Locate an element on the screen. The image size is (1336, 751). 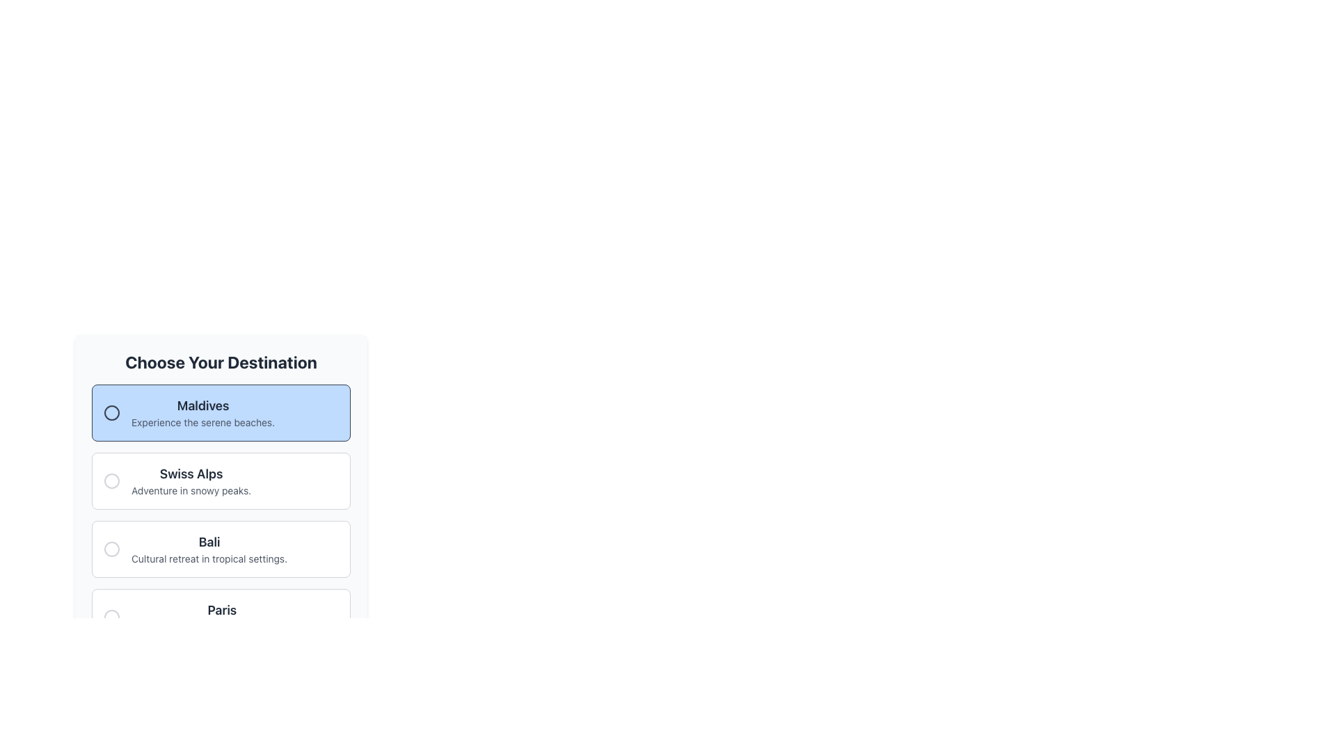
the circular Radio Button Icon with a light gray outline is located at coordinates (112, 480).